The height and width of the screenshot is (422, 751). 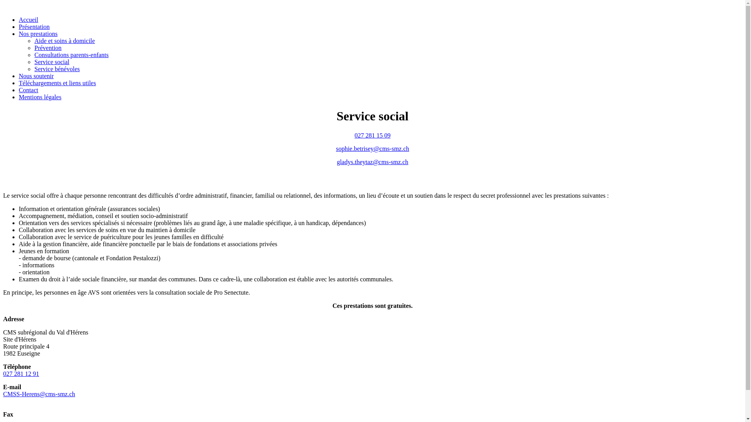 I want to click on 'Accueil', so click(x=28, y=19).